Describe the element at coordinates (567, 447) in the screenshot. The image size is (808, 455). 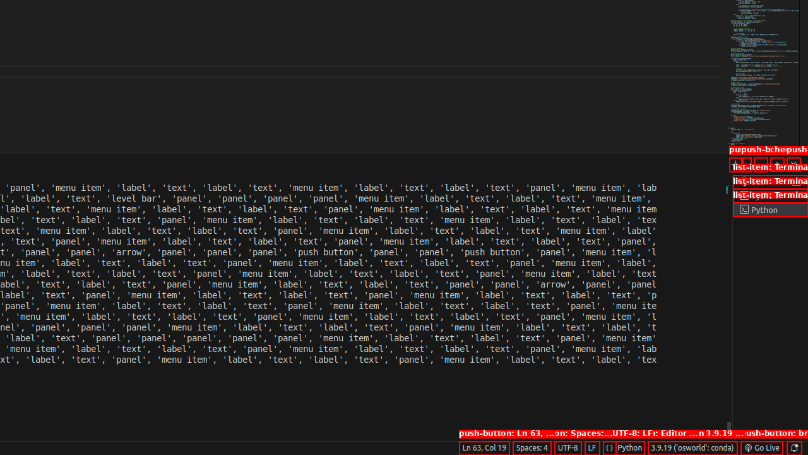
I see `'UTF-8'` at that location.